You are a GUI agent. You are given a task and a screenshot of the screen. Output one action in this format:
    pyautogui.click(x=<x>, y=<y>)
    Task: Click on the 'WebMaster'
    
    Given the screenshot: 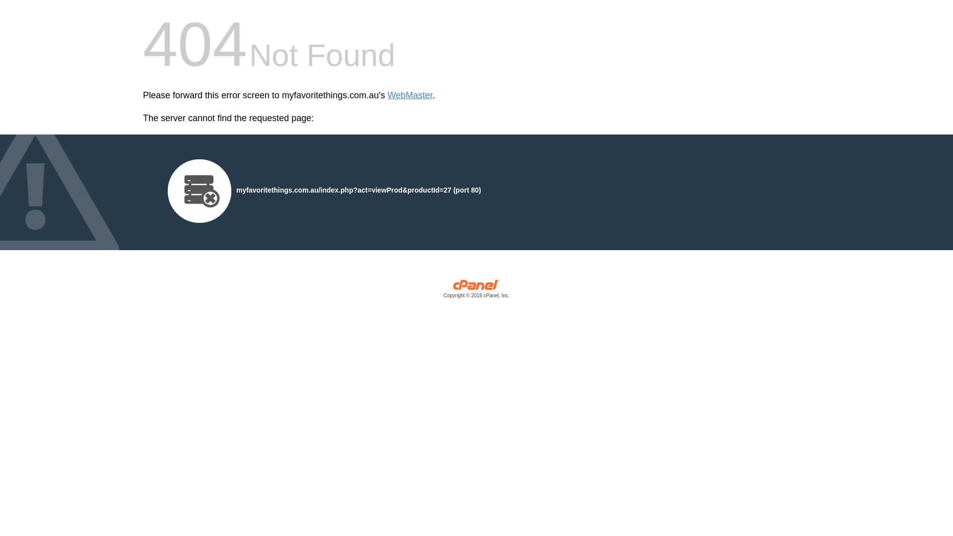 What is the action you would take?
    pyautogui.click(x=410, y=95)
    